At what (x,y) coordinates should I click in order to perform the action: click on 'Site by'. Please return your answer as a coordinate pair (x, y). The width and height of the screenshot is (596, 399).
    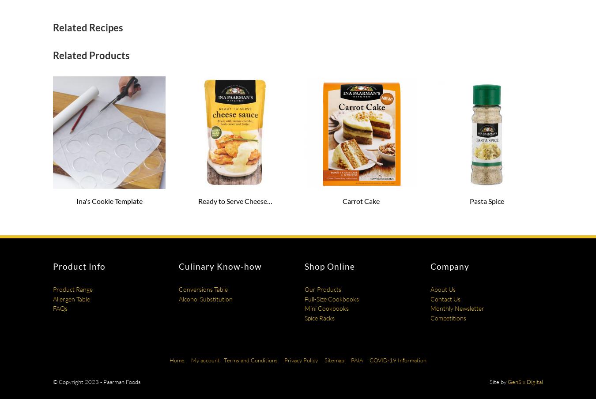
    Looking at the image, I should click on (498, 381).